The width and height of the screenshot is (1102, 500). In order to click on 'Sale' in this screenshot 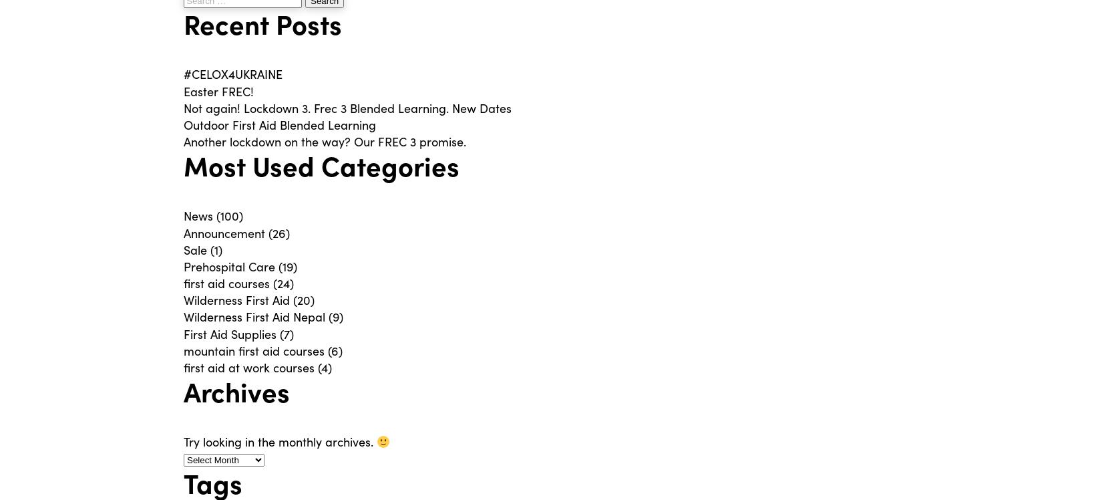, I will do `click(195, 248)`.